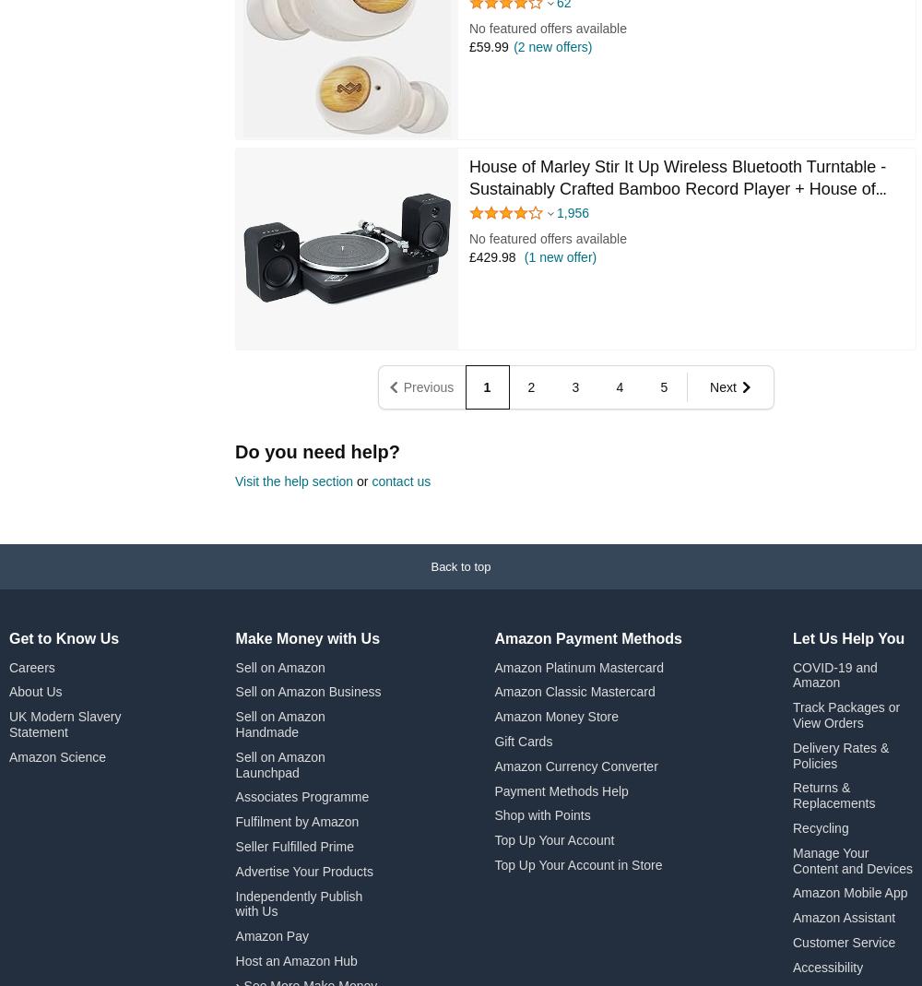 Image resolution: width=922 pixels, height=986 pixels. I want to click on 'Shop with Points', so click(541, 814).